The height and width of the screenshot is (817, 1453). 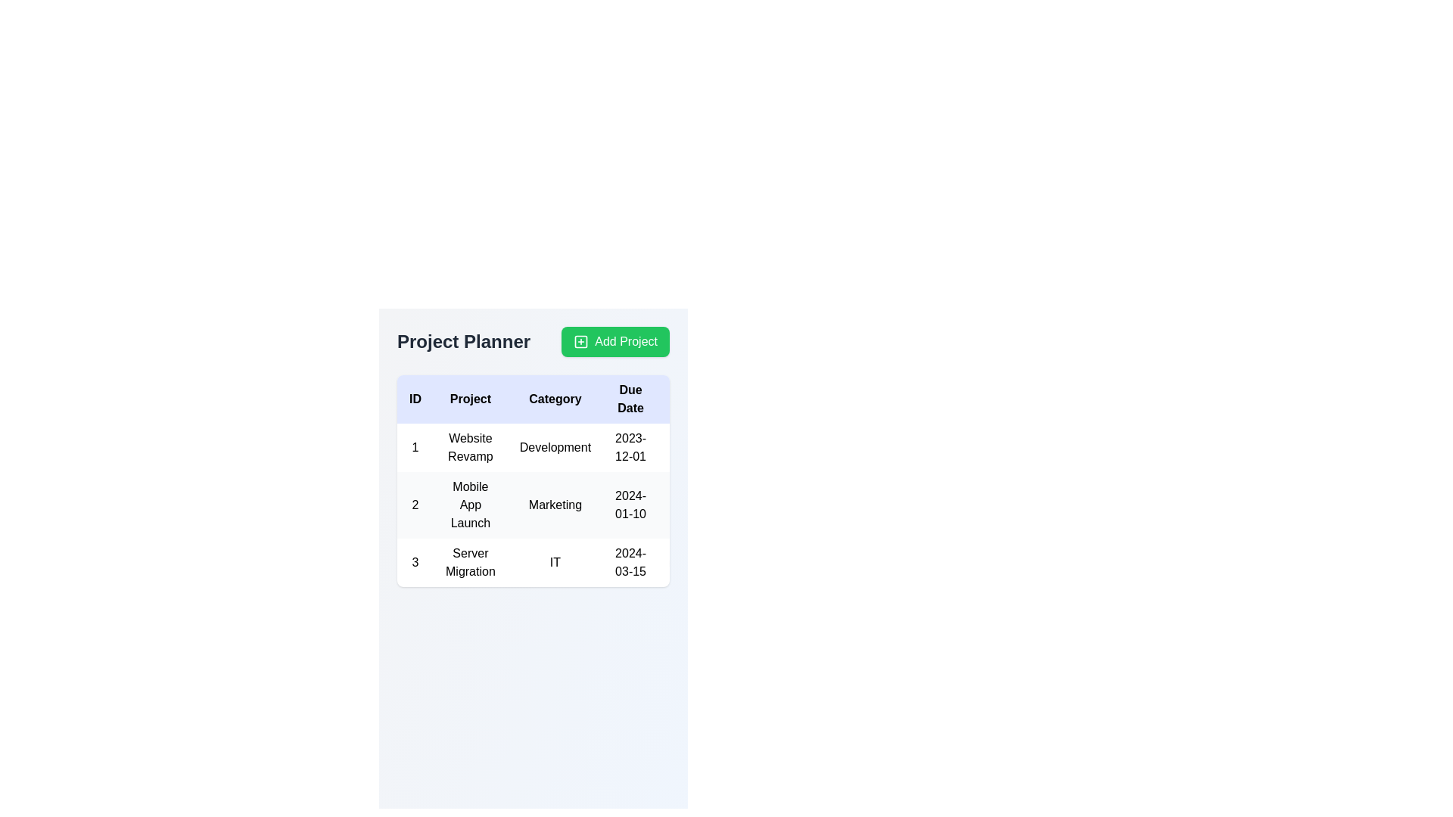 I want to click on the Table Header Cell indicating due dates in the Project Planner table, which is the fourth column header from the left, so click(x=630, y=399).